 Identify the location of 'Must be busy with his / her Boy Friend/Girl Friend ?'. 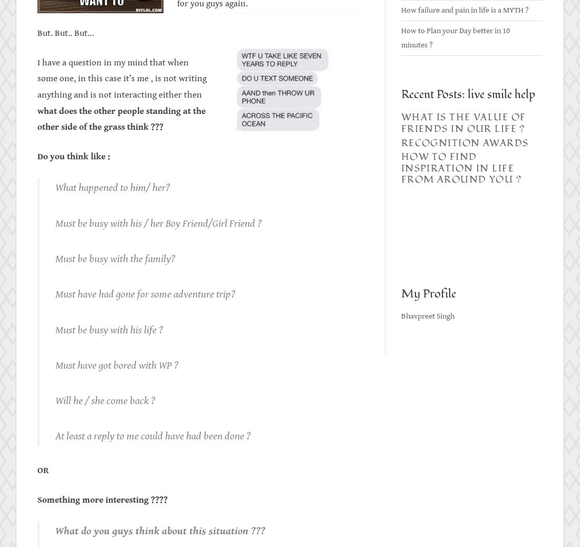
(55, 222).